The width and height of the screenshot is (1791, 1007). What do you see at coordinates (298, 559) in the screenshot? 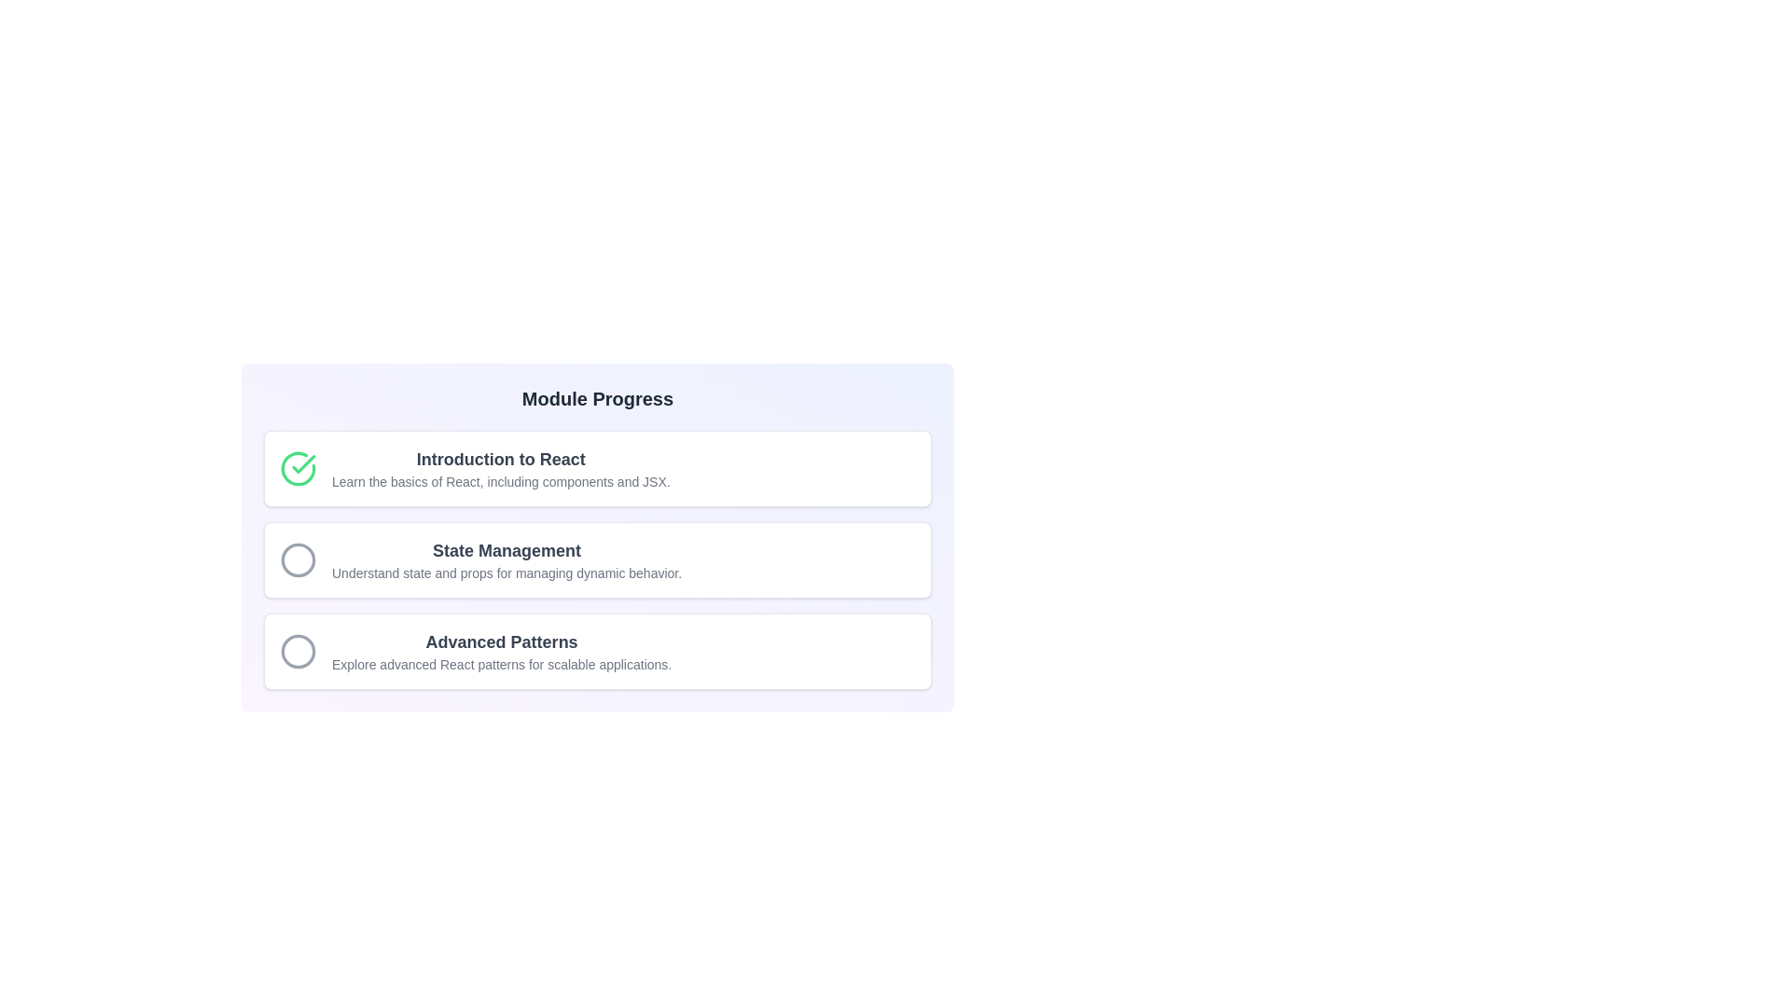
I see `the status indicator icon located within the 'State Management' card, positioned to the far left, representing a pending or inactive state` at bounding box center [298, 559].